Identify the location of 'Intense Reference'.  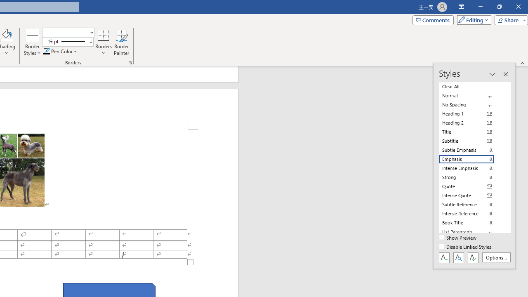
(471, 213).